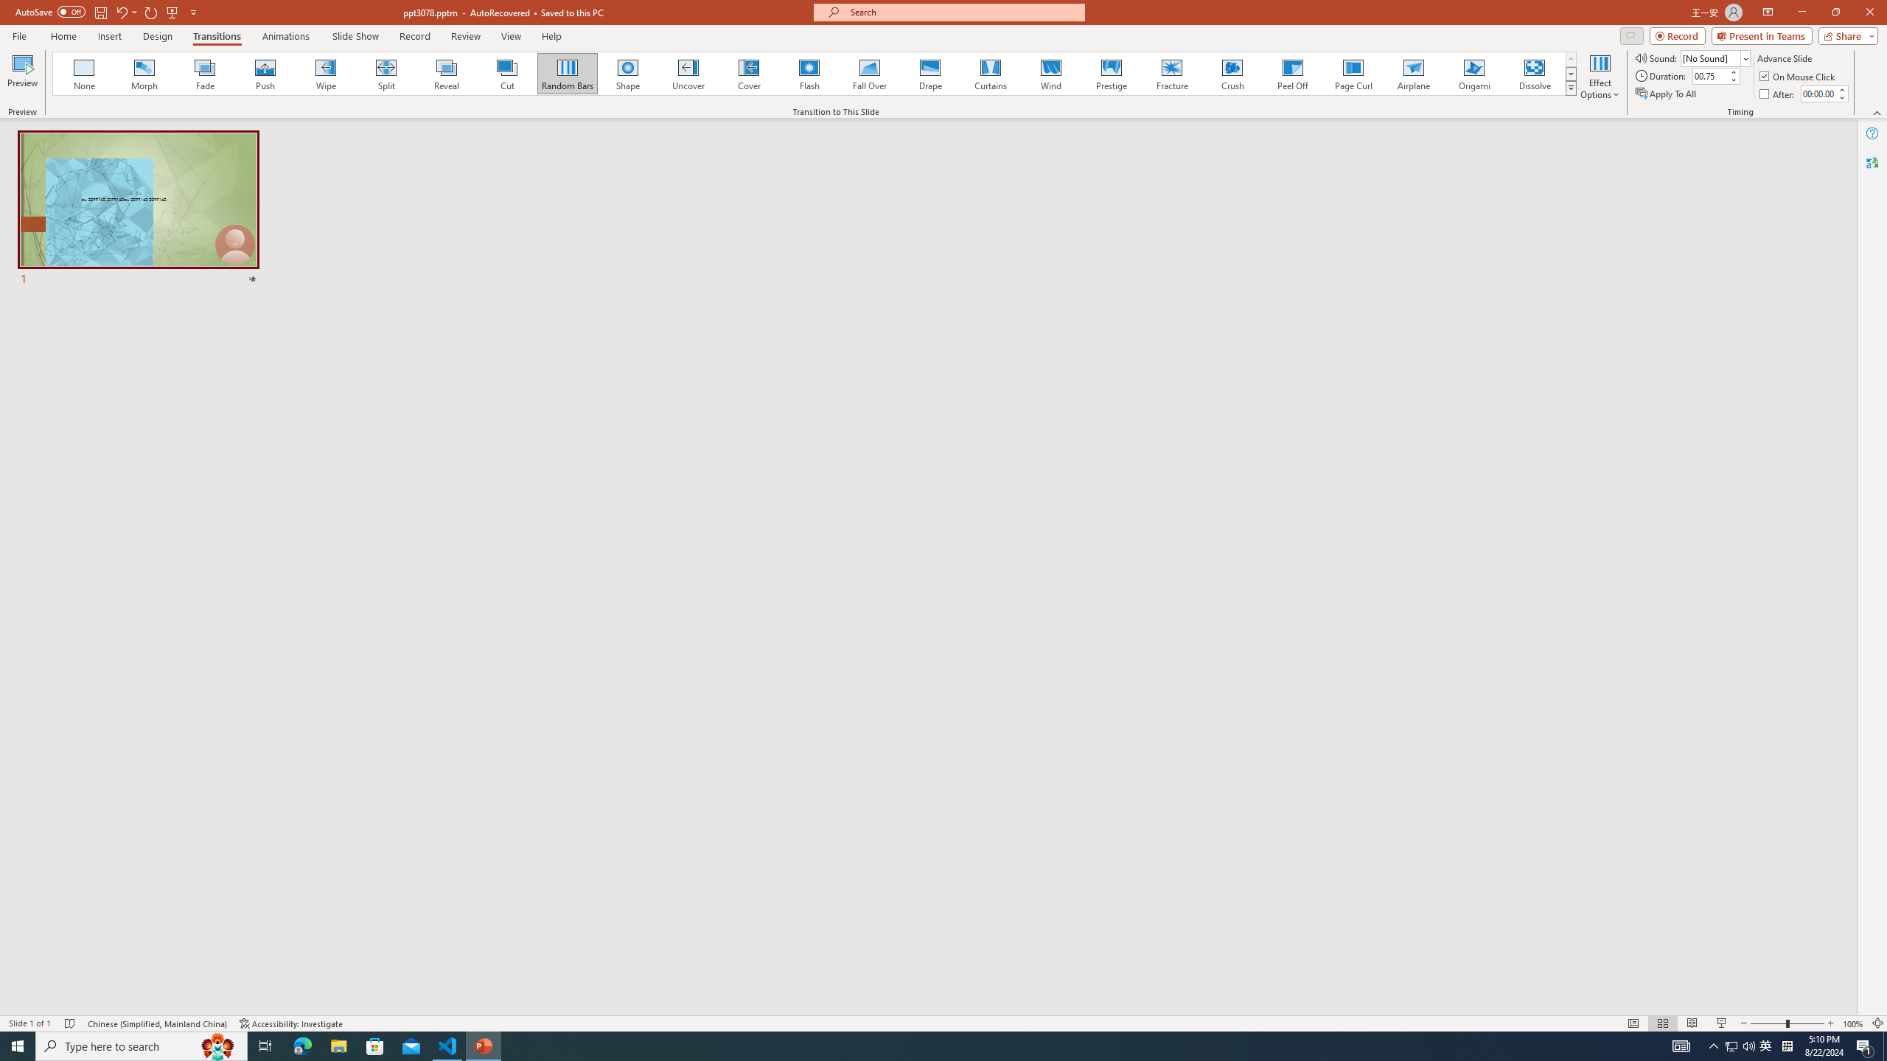  What do you see at coordinates (1818, 93) in the screenshot?
I see `'After'` at bounding box center [1818, 93].